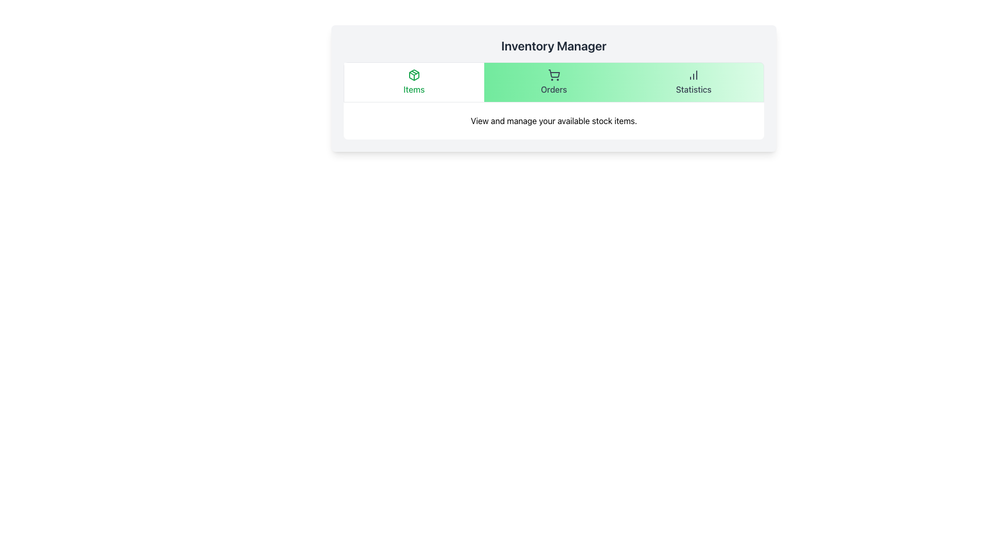  I want to click on the 'Orders' text label, which is the second navigation option in the main menu bar, displaying the word 'Orders' in bold font on a light green background, so click(553, 89).